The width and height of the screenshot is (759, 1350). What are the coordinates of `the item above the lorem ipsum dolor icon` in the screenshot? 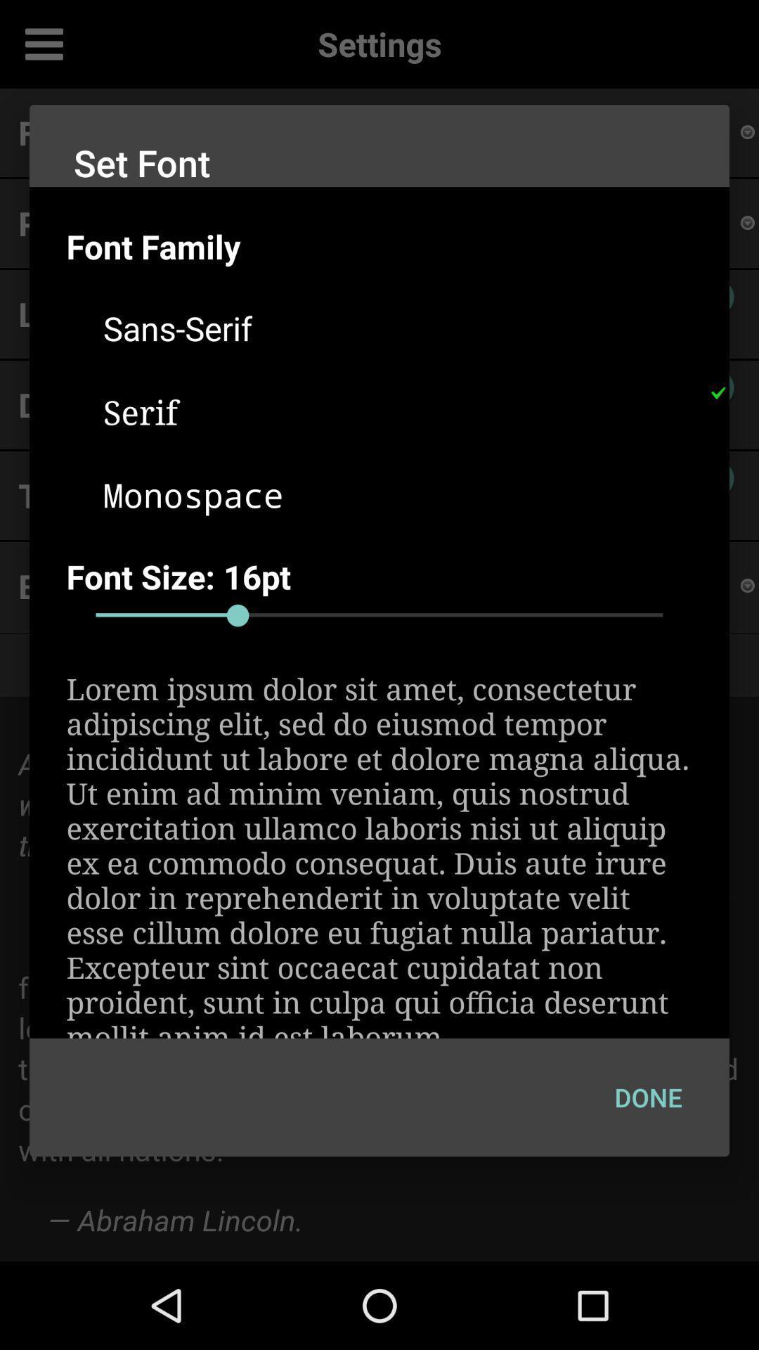 It's located at (379, 615).